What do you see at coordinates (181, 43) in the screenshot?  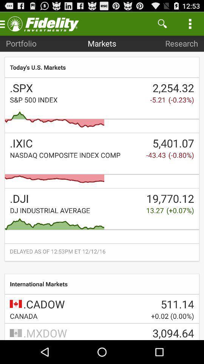 I see `the research app` at bounding box center [181, 43].